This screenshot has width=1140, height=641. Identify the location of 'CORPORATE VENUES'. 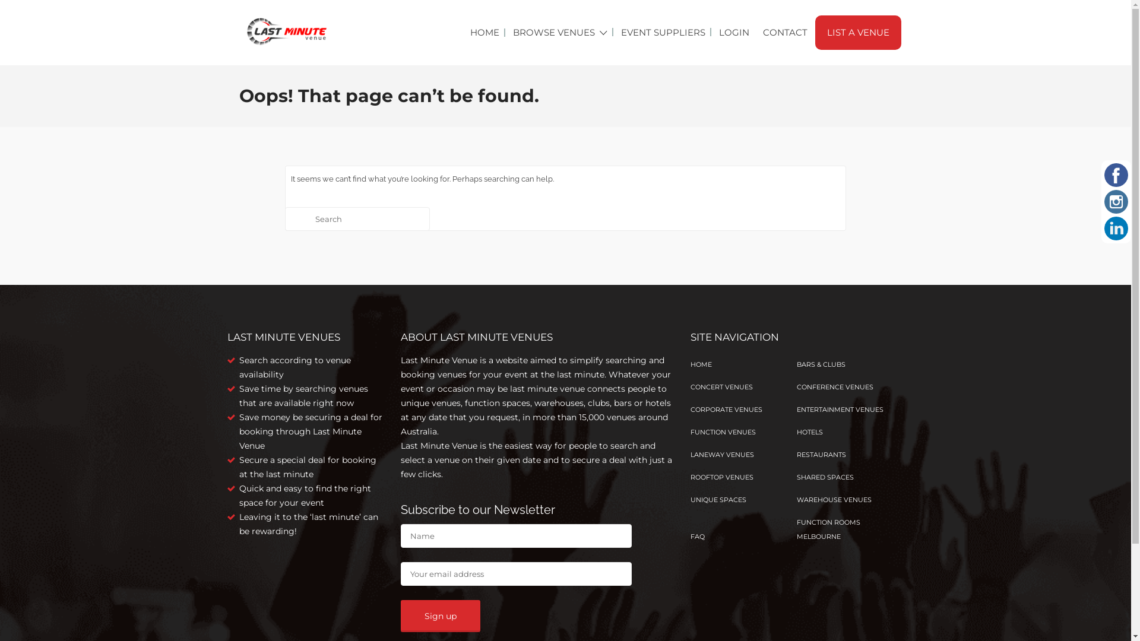
(725, 409).